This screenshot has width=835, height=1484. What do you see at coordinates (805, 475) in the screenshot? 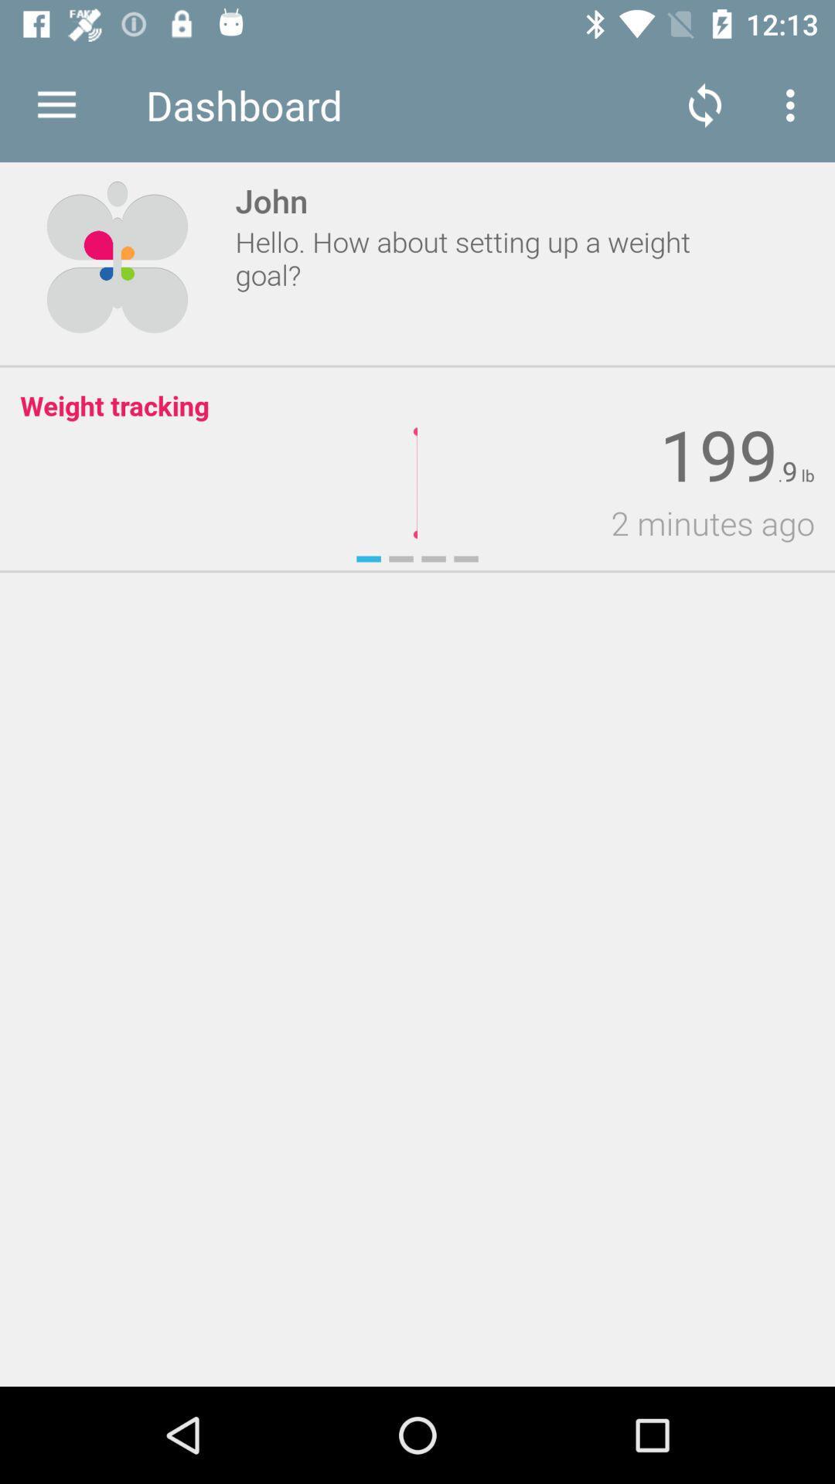
I see `the  lb item` at bounding box center [805, 475].